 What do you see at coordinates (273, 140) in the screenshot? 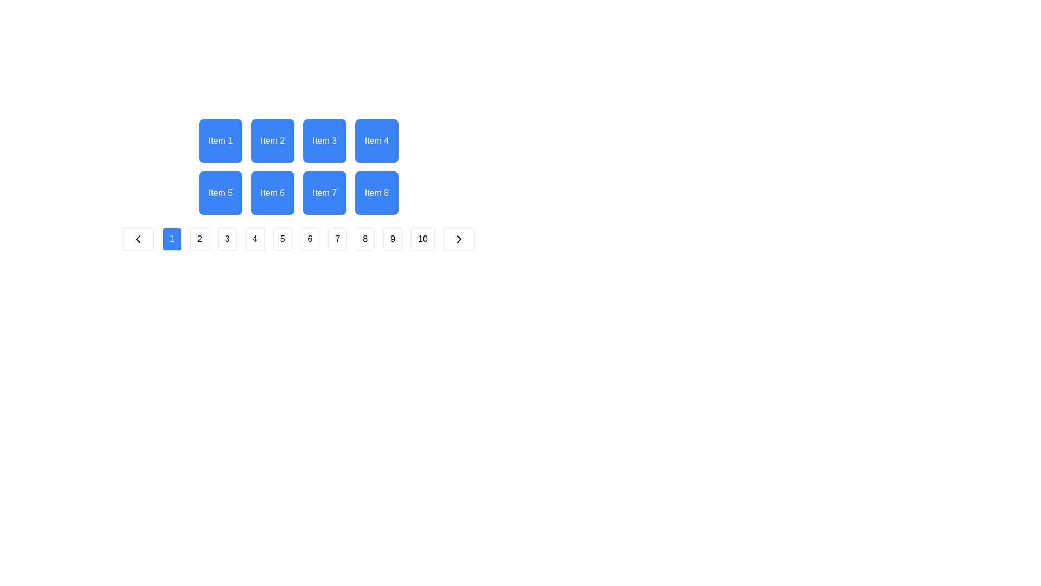
I see `the Static display block with a blue background and white text reading 'Item 2', located in the first row, second column of the grid` at bounding box center [273, 140].